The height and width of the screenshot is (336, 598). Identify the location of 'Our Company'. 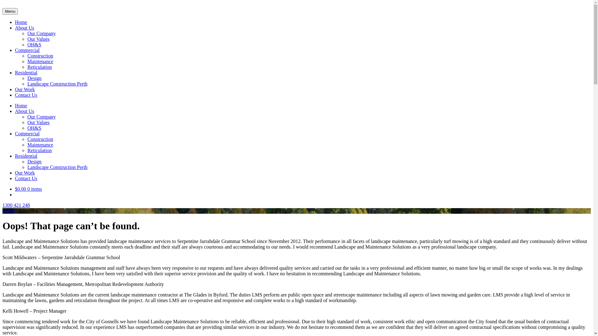
(27, 33).